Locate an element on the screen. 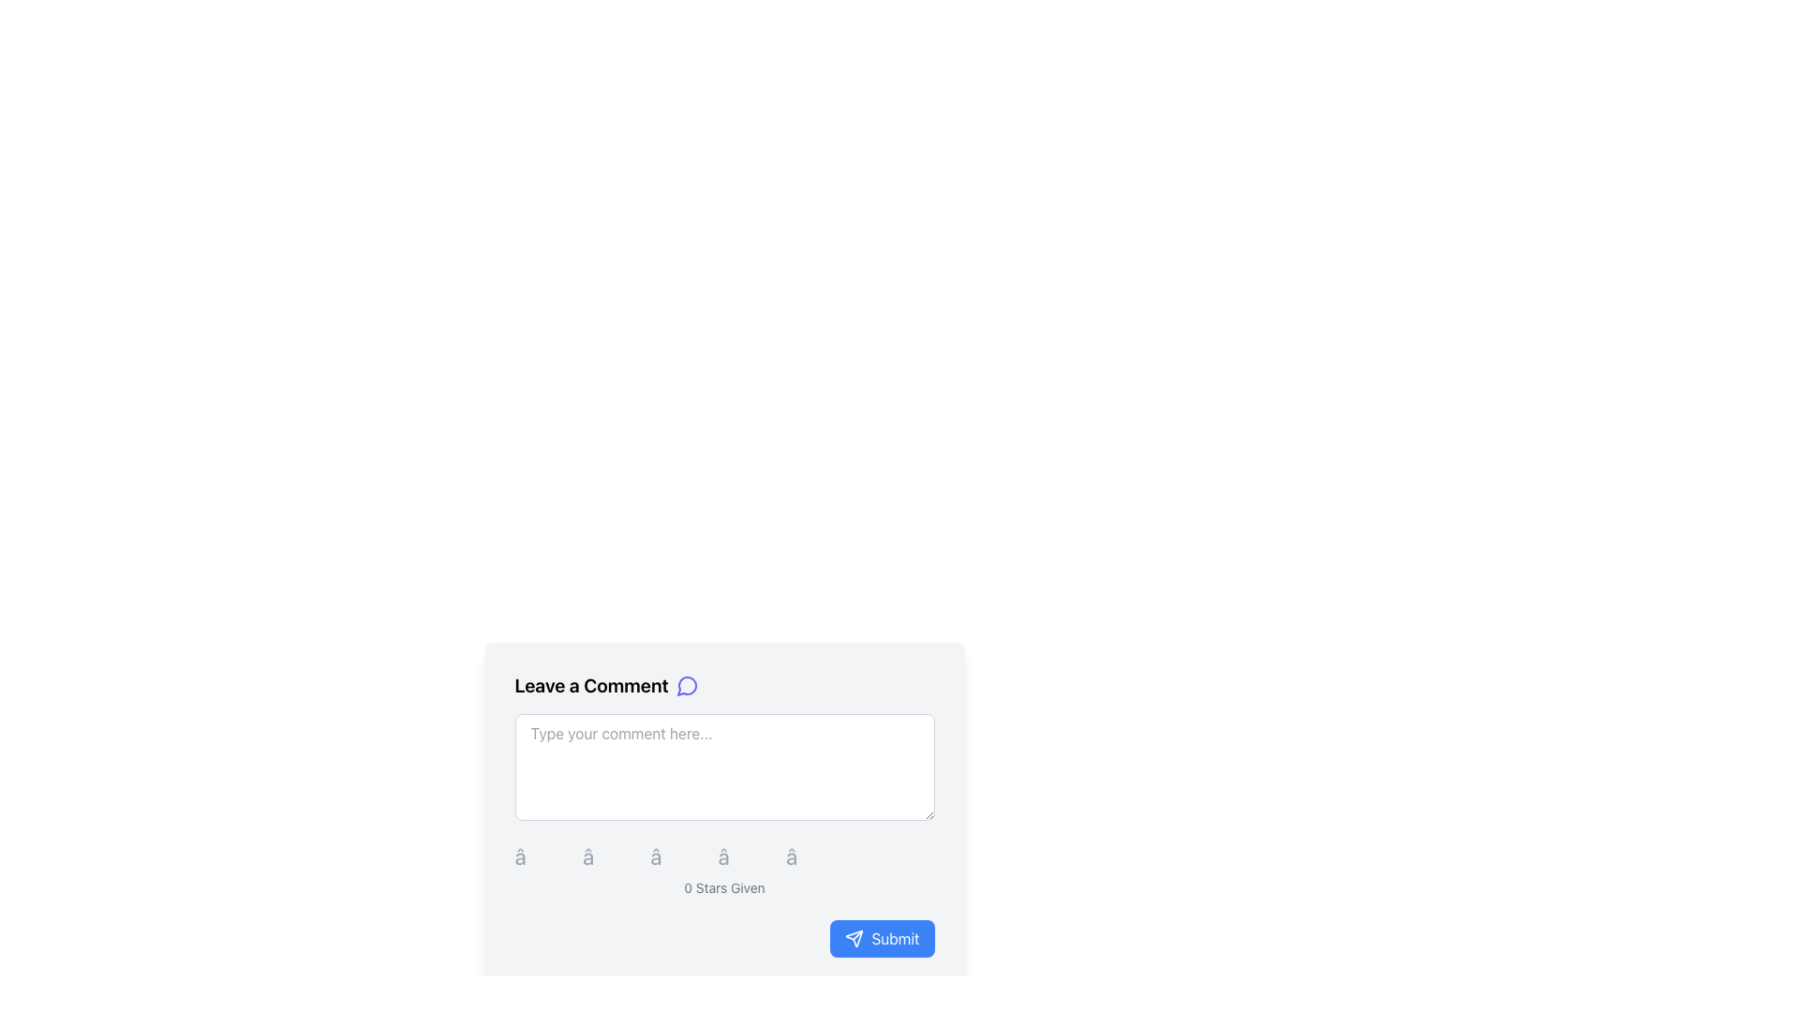 This screenshot has height=1012, width=1799. the blue rectangular 'Submit' button with rounded corners located at the bottom right corner of the comment box section is located at coordinates (723, 939).